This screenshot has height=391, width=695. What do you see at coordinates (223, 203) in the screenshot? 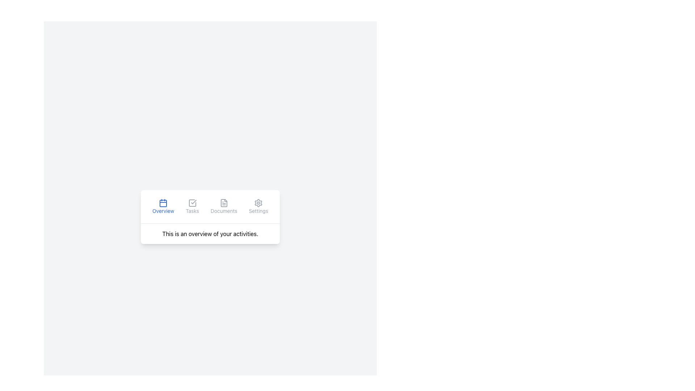
I see `the 'Documents' icon located in the center of the bottom-centered navigation panel, which is the third item out of four options` at bounding box center [223, 203].